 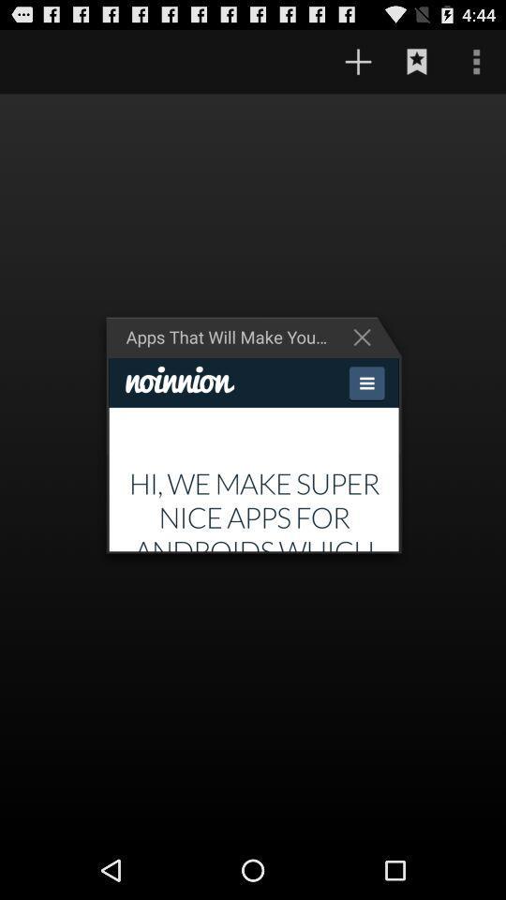 What do you see at coordinates (476, 66) in the screenshot?
I see `the more icon` at bounding box center [476, 66].